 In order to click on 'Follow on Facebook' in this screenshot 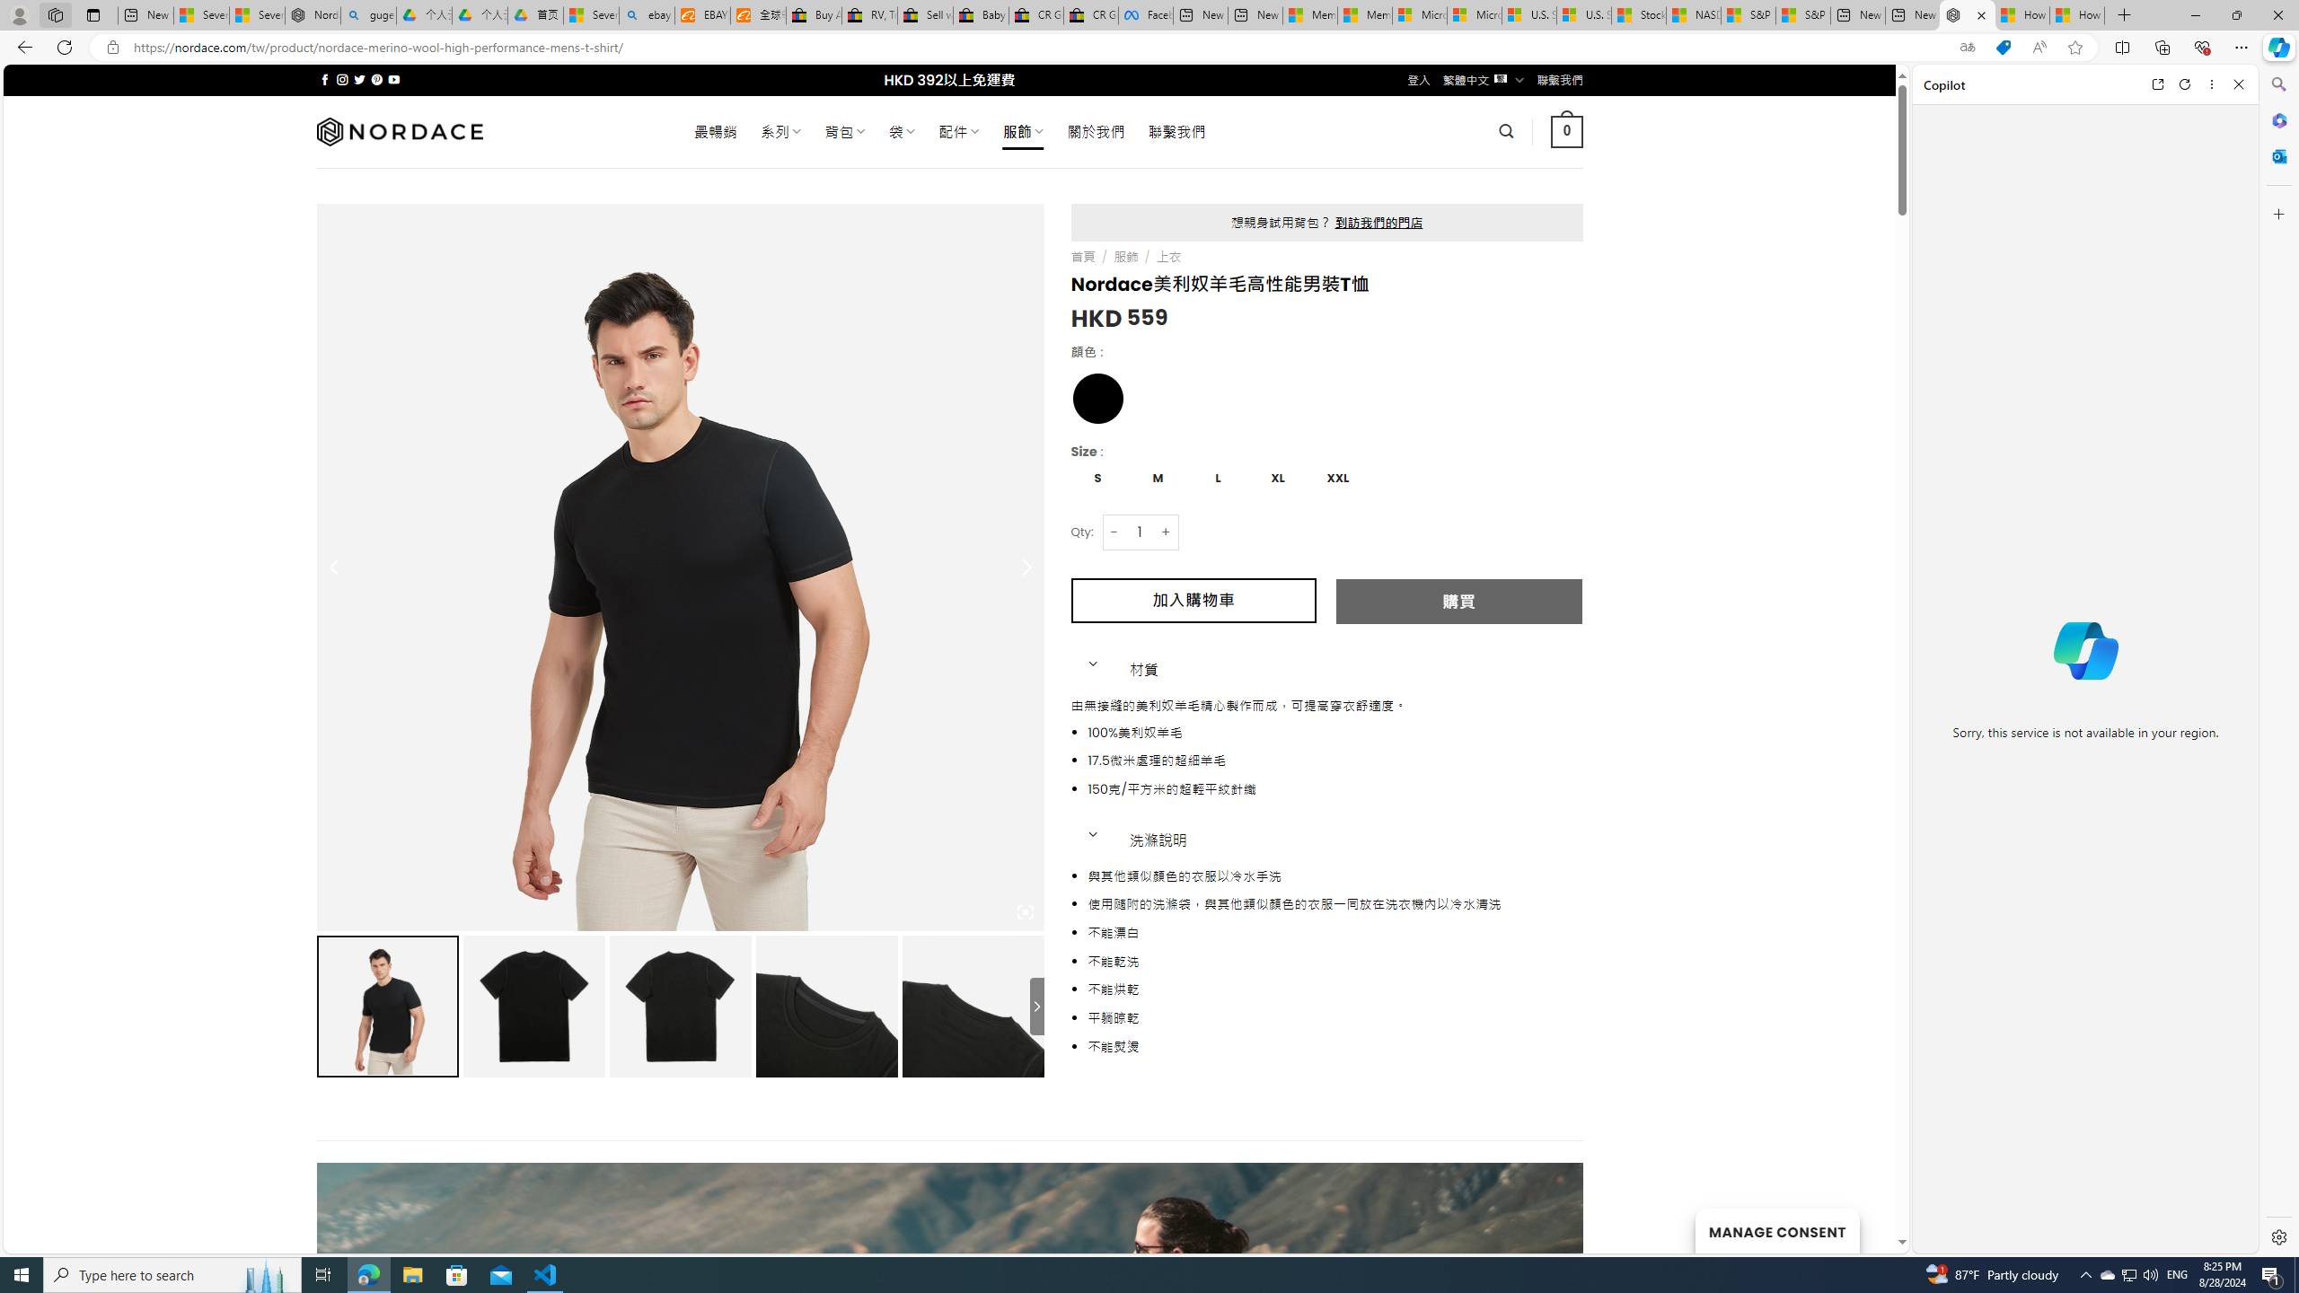, I will do `click(325, 79)`.